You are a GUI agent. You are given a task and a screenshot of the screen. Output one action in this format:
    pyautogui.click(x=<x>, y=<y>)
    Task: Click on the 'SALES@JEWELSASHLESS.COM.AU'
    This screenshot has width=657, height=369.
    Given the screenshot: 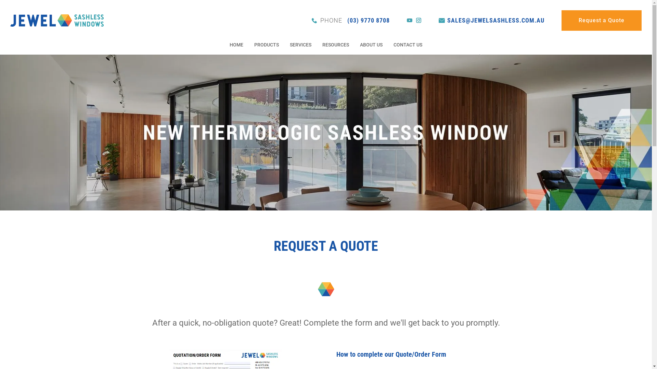 What is the action you would take?
    pyautogui.click(x=491, y=20)
    